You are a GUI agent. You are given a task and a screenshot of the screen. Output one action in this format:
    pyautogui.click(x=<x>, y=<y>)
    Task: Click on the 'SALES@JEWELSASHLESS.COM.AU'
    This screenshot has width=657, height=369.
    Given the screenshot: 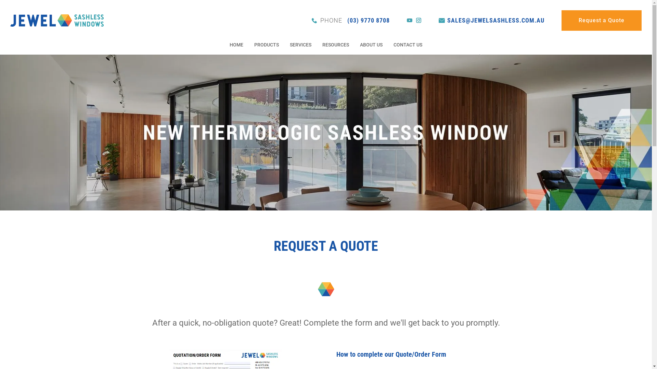 What is the action you would take?
    pyautogui.click(x=491, y=20)
    